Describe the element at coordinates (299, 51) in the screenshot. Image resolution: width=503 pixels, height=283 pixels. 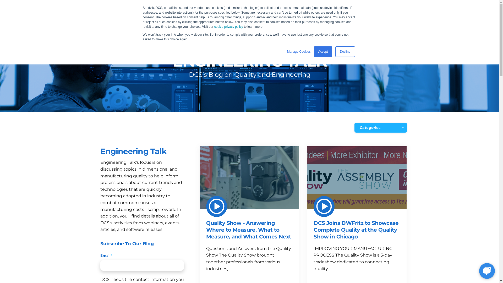
I see `'Manage Cookies'` at that location.